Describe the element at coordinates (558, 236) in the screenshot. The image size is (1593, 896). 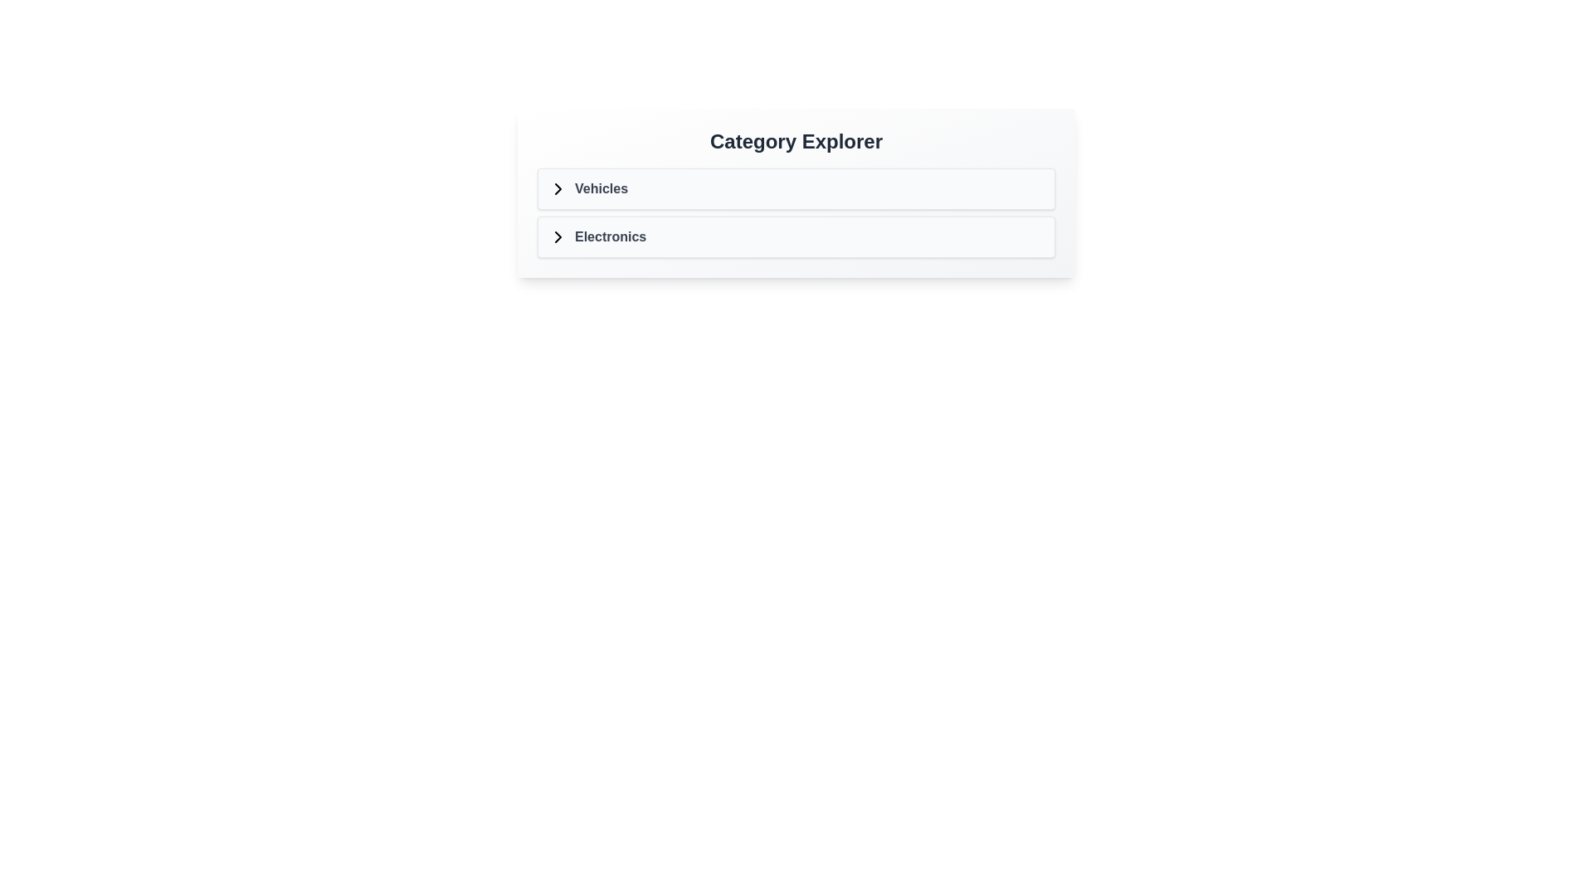
I see `the chevron-shaped icon pointing to the right, which is positioned to the left of the 'Electronics' label in the 'Category Explorer' interface` at that location.